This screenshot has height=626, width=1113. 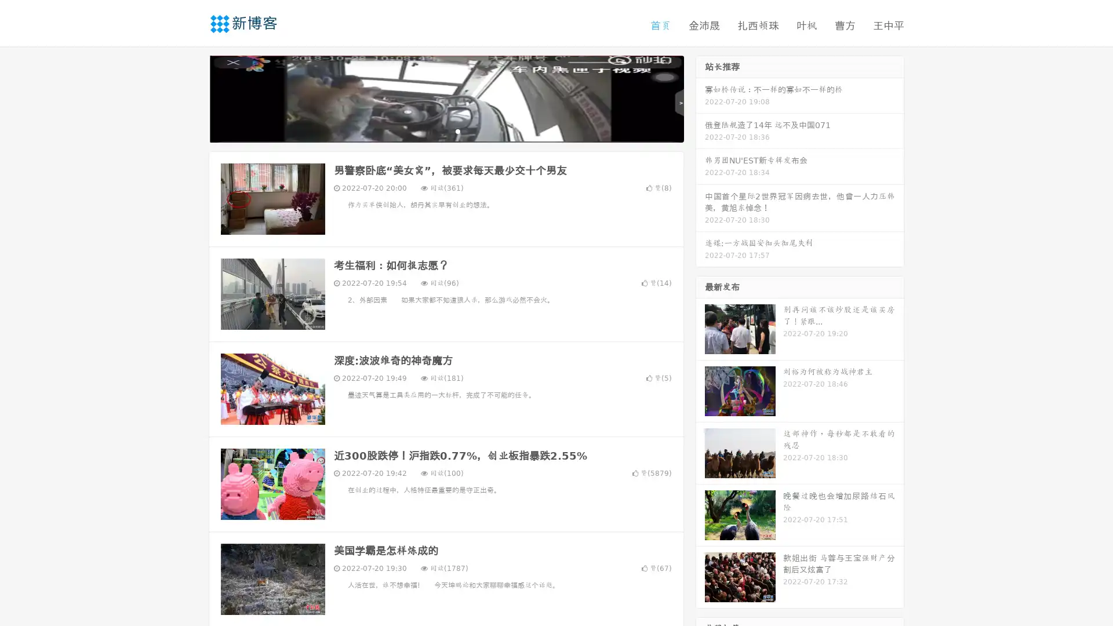 I want to click on Next slide, so click(x=700, y=97).